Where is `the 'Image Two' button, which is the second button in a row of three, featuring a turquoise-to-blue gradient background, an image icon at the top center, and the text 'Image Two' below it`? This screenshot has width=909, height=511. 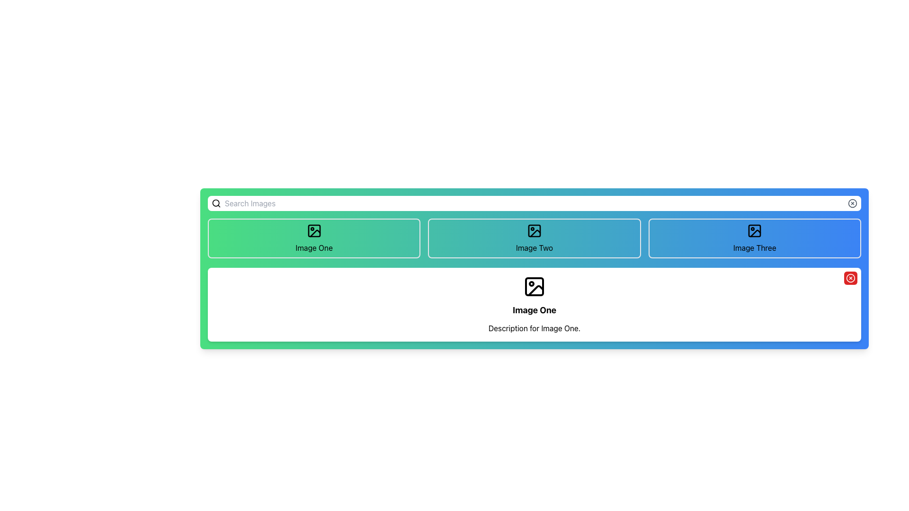
the 'Image Two' button, which is the second button in a row of three, featuring a turquoise-to-blue gradient background, an image icon at the top center, and the text 'Image Two' below it is located at coordinates (534, 238).